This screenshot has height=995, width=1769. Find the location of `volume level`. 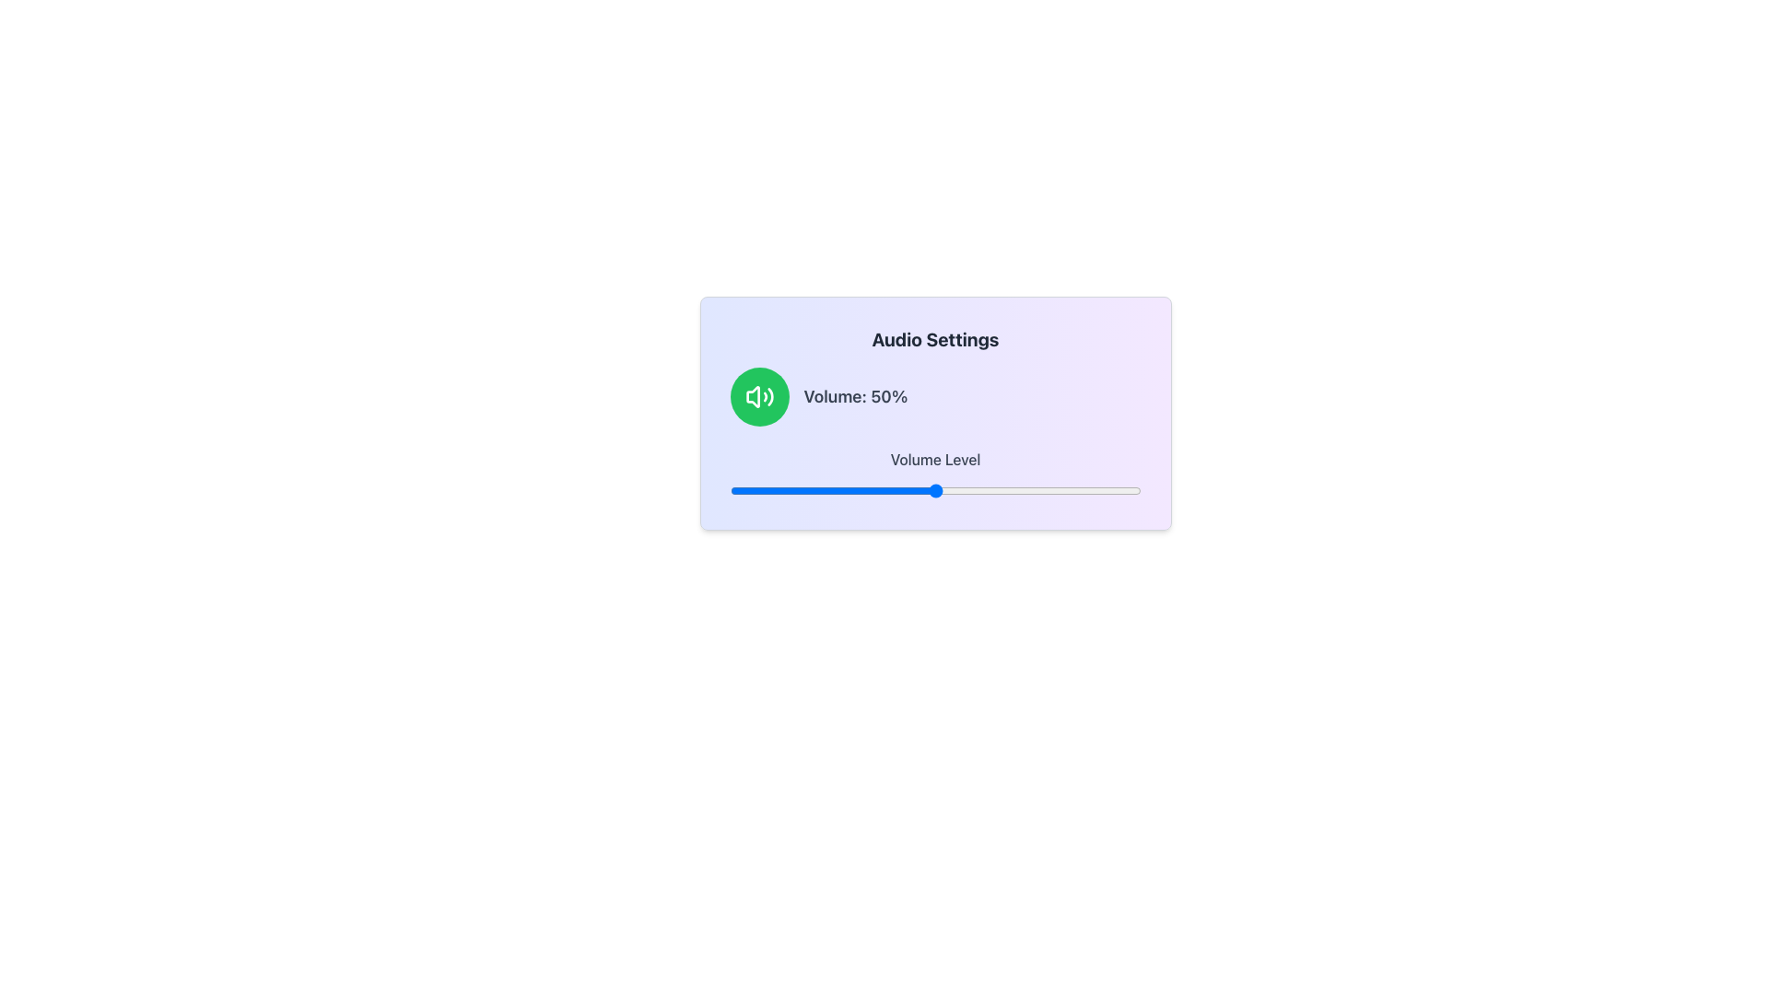

volume level is located at coordinates (824, 489).